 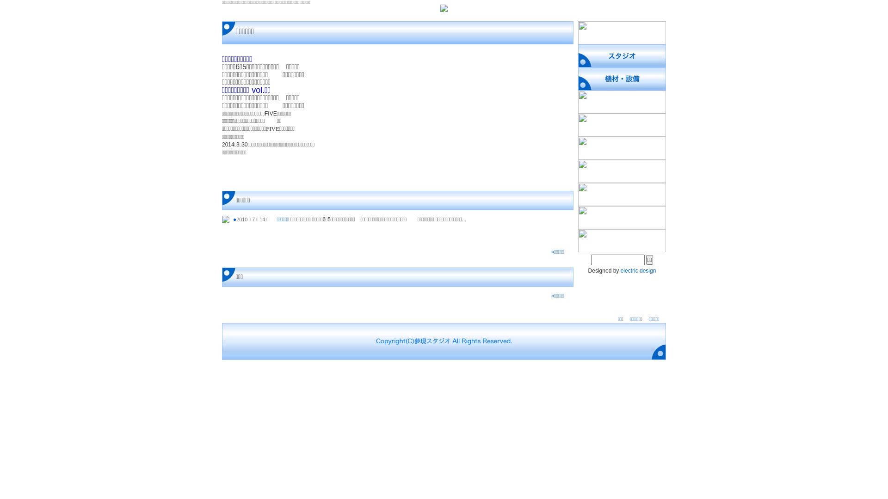 What do you see at coordinates (638, 270) in the screenshot?
I see `'electric design'` at bounding box center [638, 270].